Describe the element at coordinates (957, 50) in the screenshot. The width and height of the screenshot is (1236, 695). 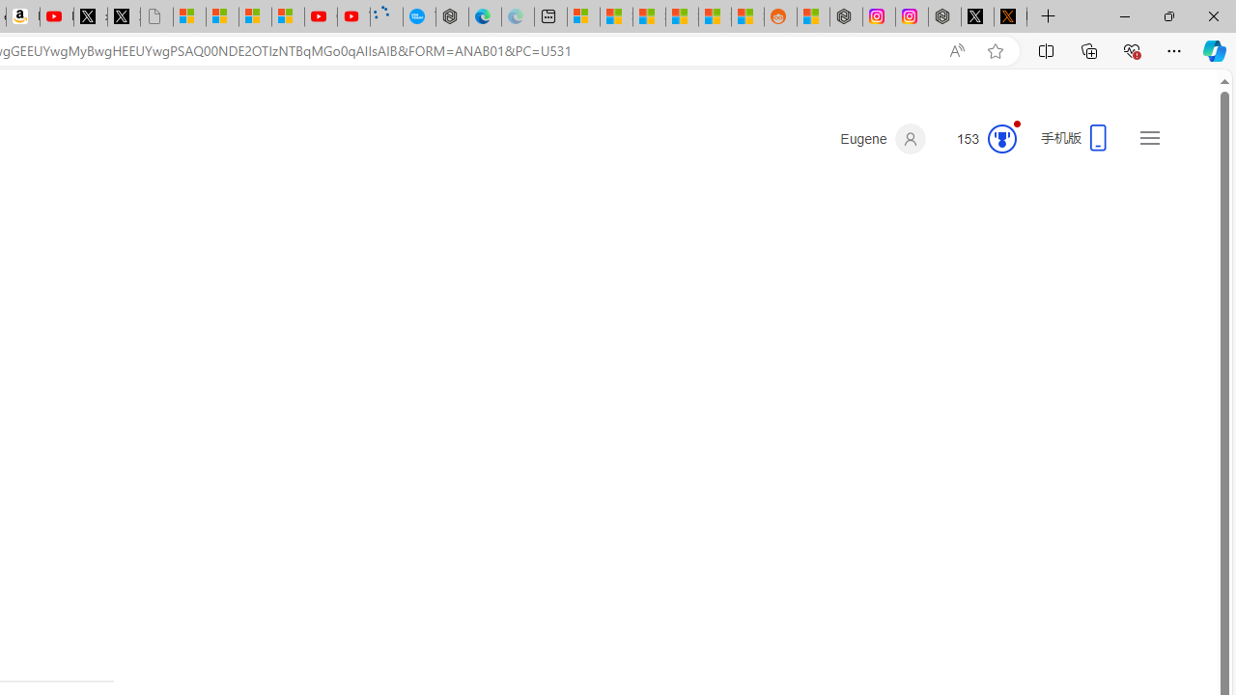
I see `'Read aloud this page (Ctrl+Shift+U)'` at that location.